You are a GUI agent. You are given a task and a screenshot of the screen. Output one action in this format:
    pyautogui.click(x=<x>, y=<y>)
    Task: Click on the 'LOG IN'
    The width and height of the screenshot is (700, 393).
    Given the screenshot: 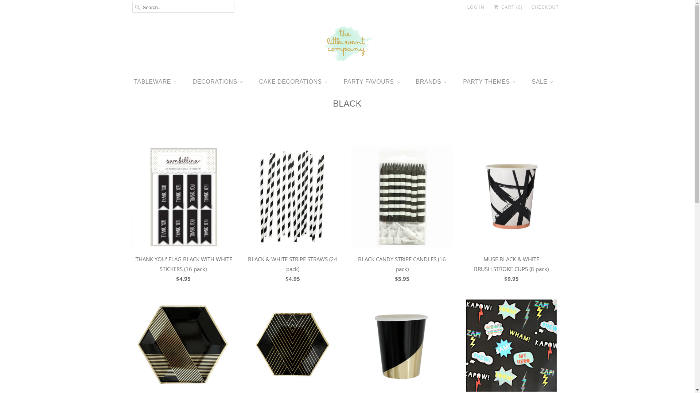 What is the action you would take?
    pyautogui.click(x=476, y=7)
    